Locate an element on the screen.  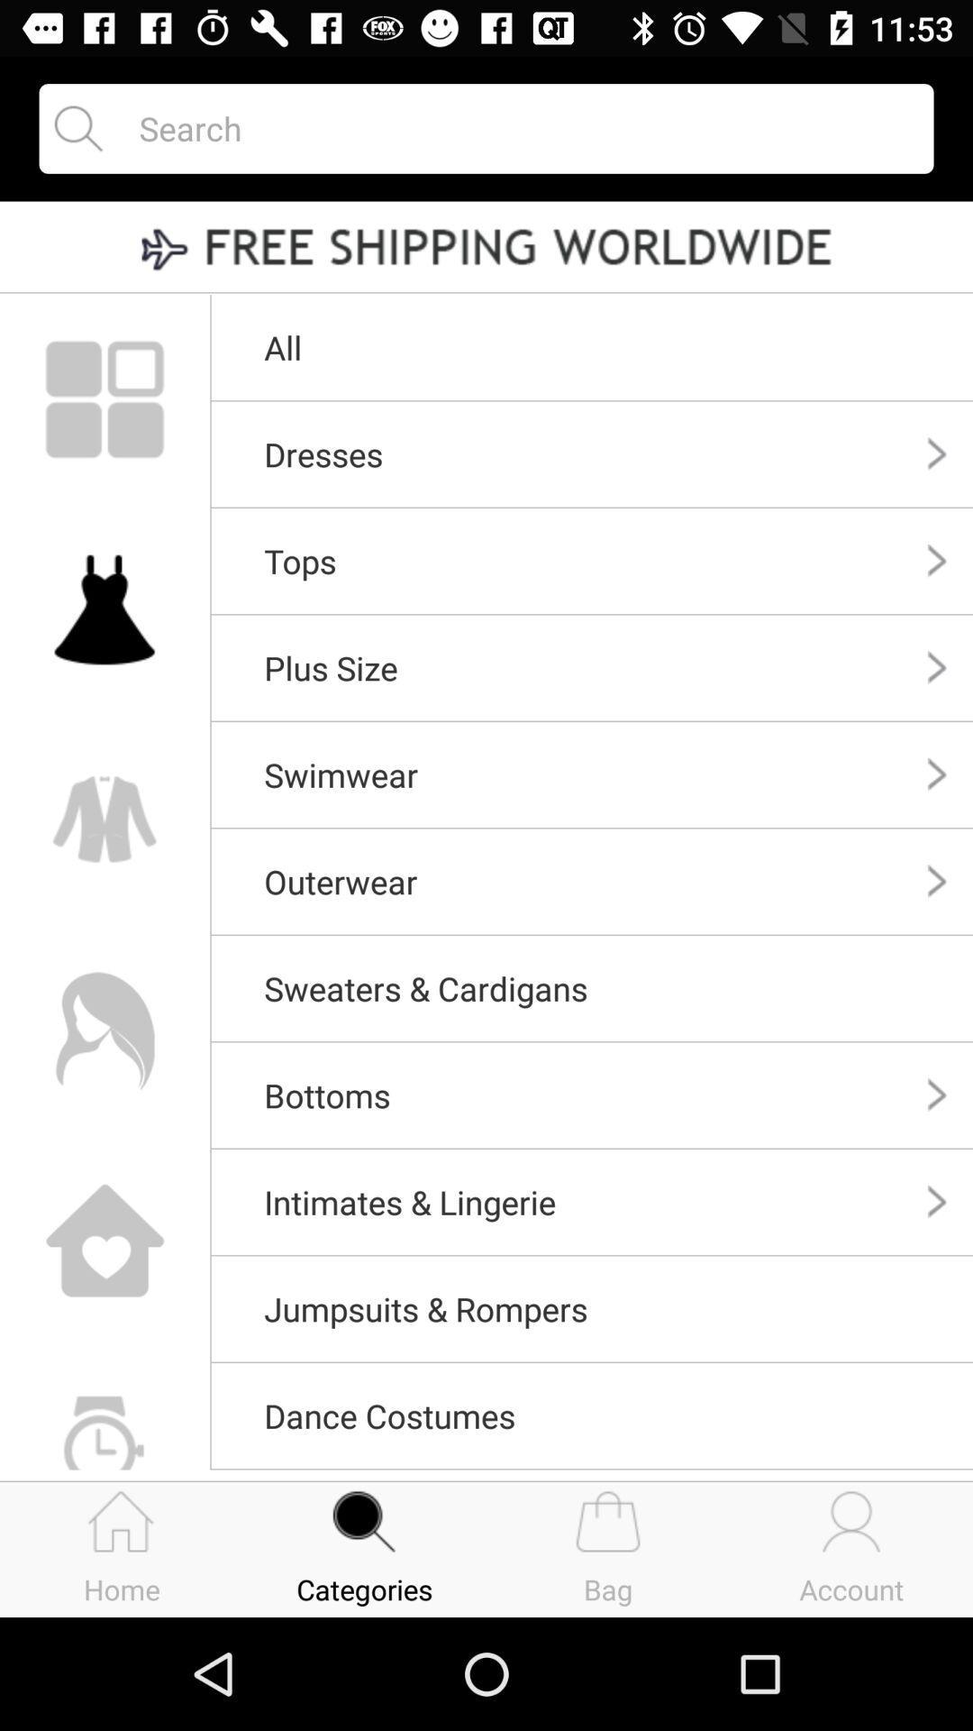
search is located at coordinates (520, 127).